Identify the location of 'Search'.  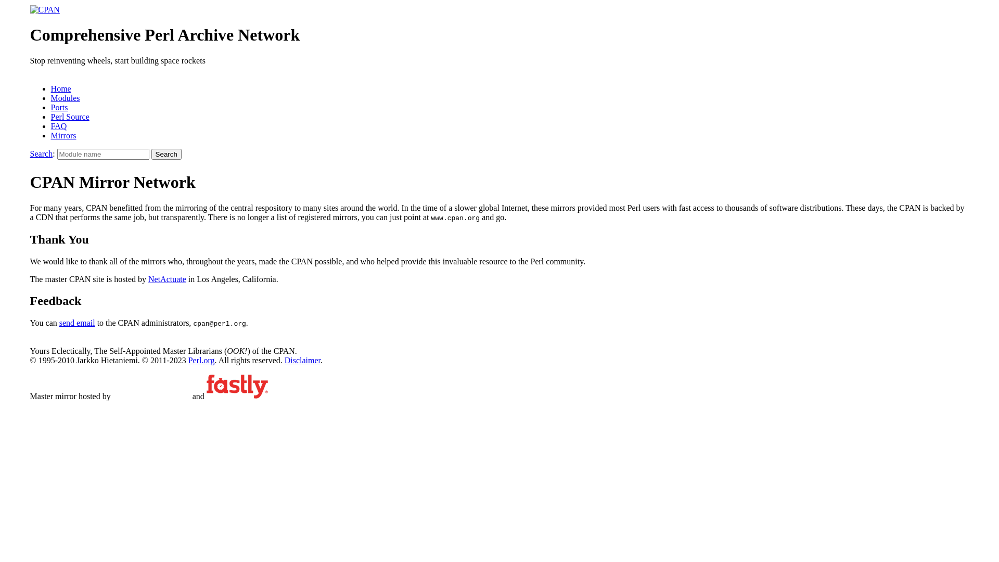
(166, 154).